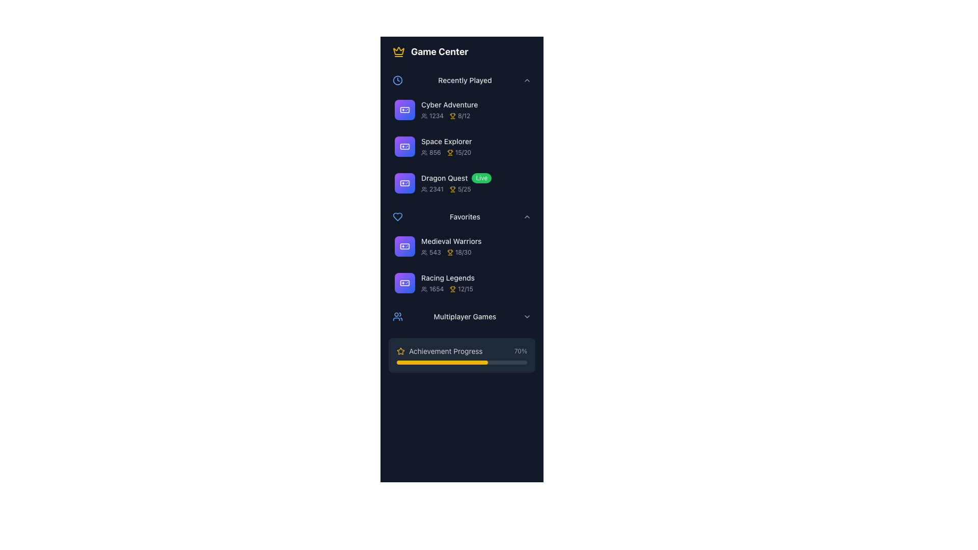 Image resolution: width=978 pixels, height=550 pixels. What do you see at coordinates (474, 147) in the screenshot?
I see `the list item displaying the title 'Space Explorer' with statistics '856' and '15/20' in the 'Recently Played' section of the 'Game Center' interface` at bounding box center [474, 147].